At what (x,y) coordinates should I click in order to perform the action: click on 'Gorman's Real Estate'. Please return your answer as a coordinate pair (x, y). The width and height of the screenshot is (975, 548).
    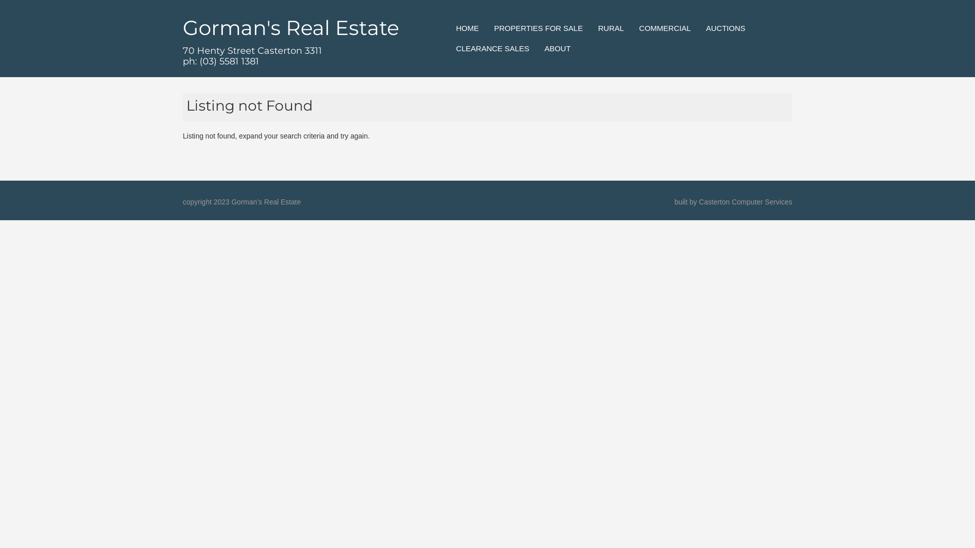
    Looking at the image, I should click on (290, 27).